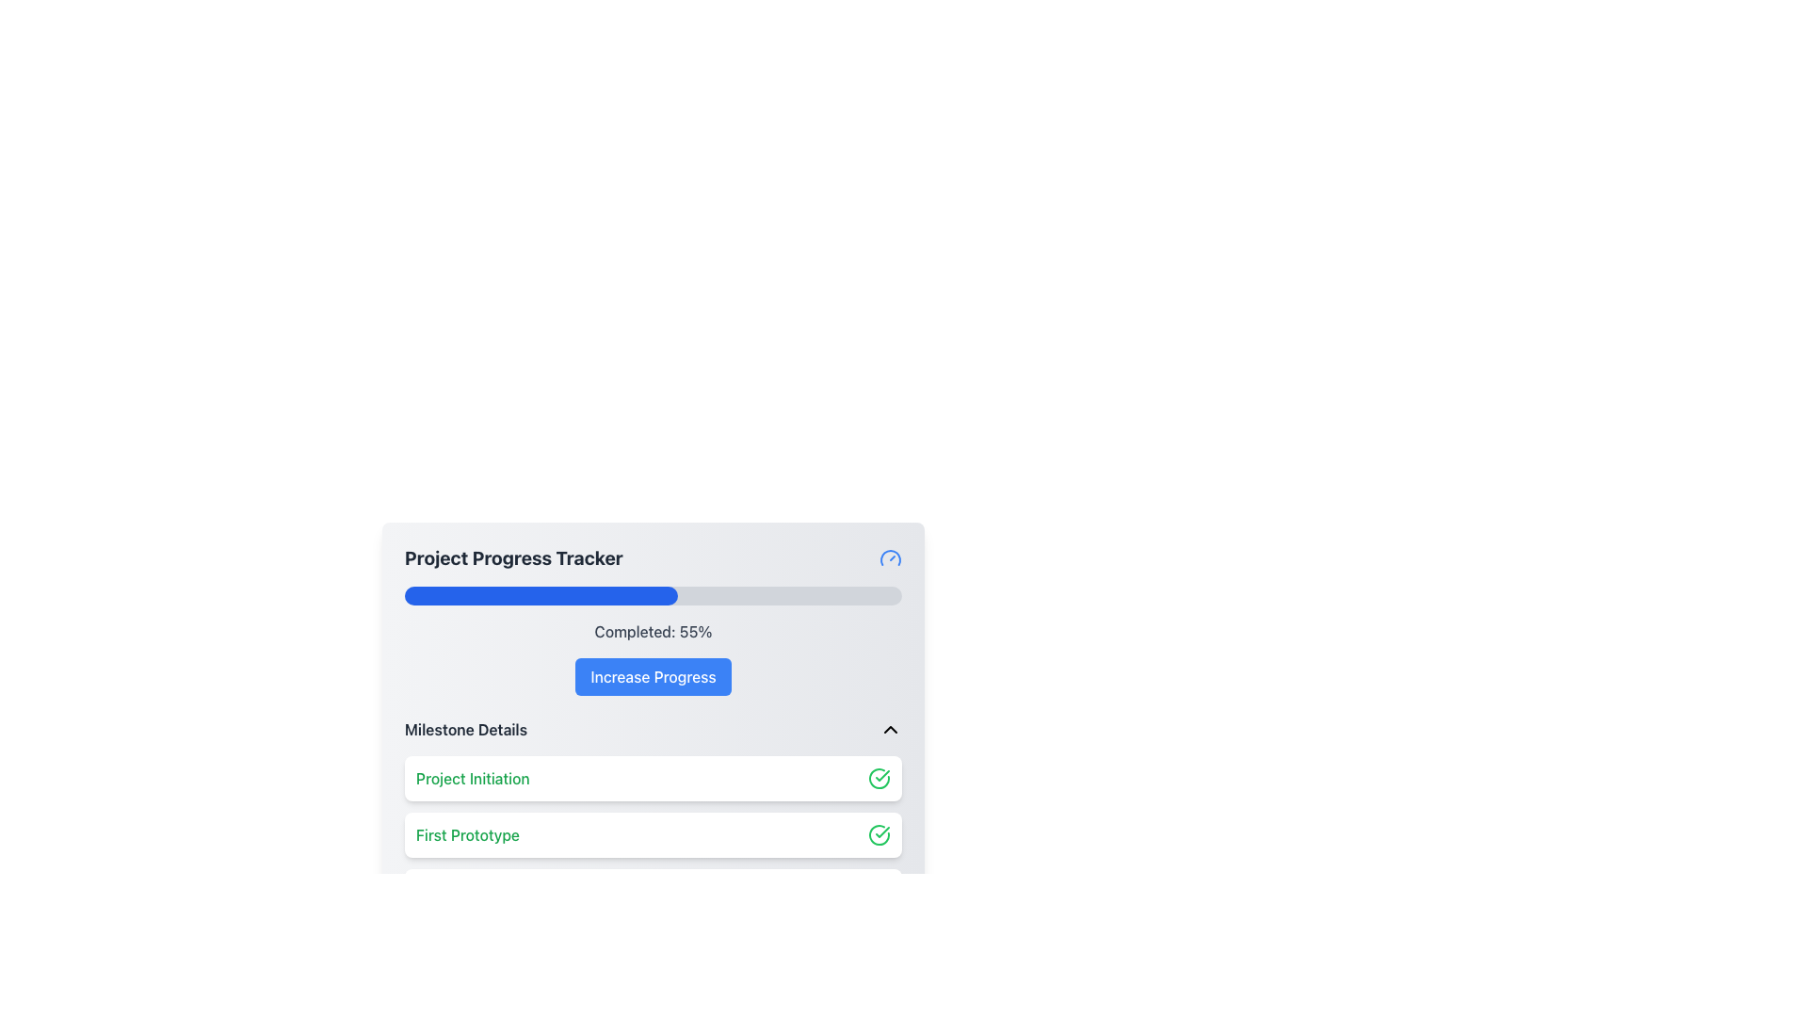 This screenshot has width=1808, height=1017. What do you see at coordinates (466, 729) in the screenshot?
I see `the text label that reads 'Milestone Details', which is styled in bold and dark gray, positioned beneath 'Project Progress Tracker'` at bounding box center [466, 729].